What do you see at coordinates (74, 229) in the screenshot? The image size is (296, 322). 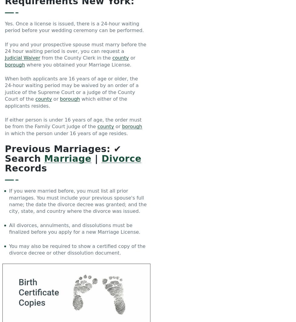 I see `'All divorces, annulments, and dissolutions must be finalized before you apply for a new Marriage License.'` at bounding box center [74, 229].